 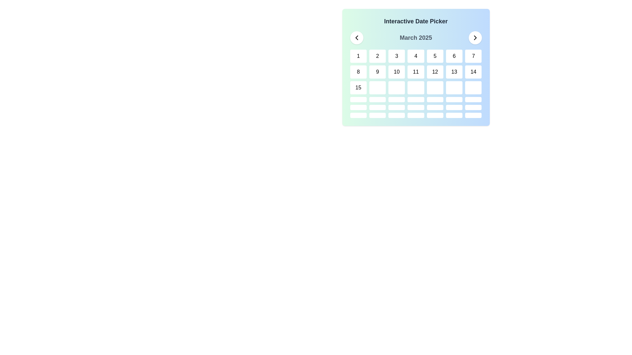 I want to click on the third empty button, so click(x=396, y=100).